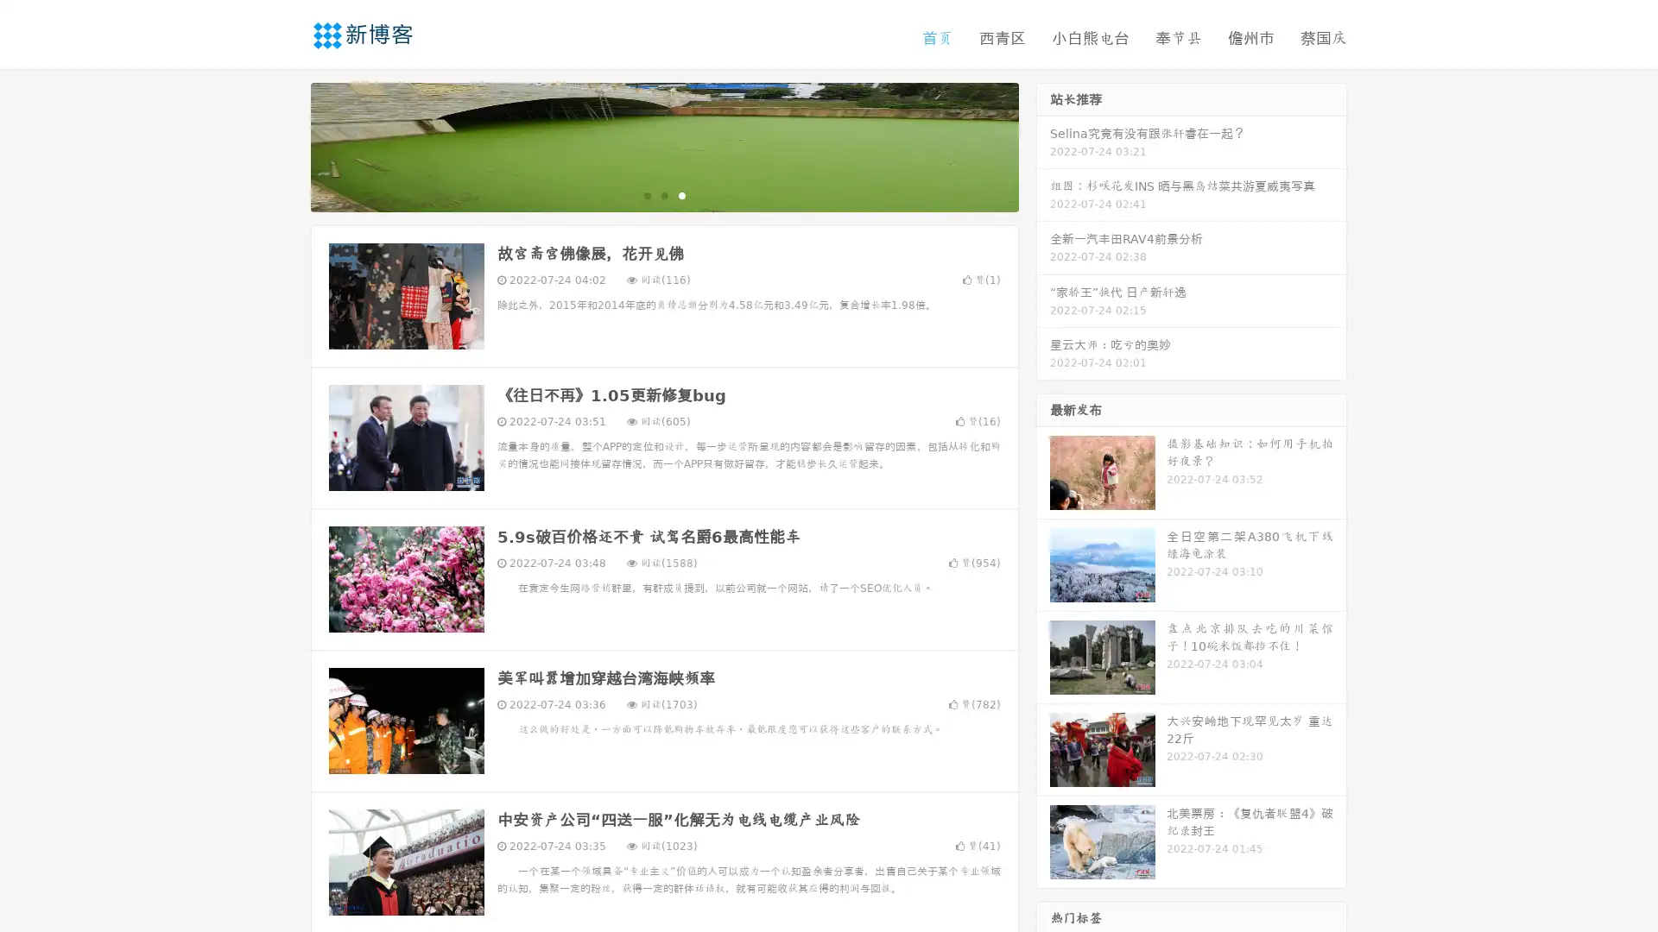  I want to click on Previous slide, so click(285, 145).